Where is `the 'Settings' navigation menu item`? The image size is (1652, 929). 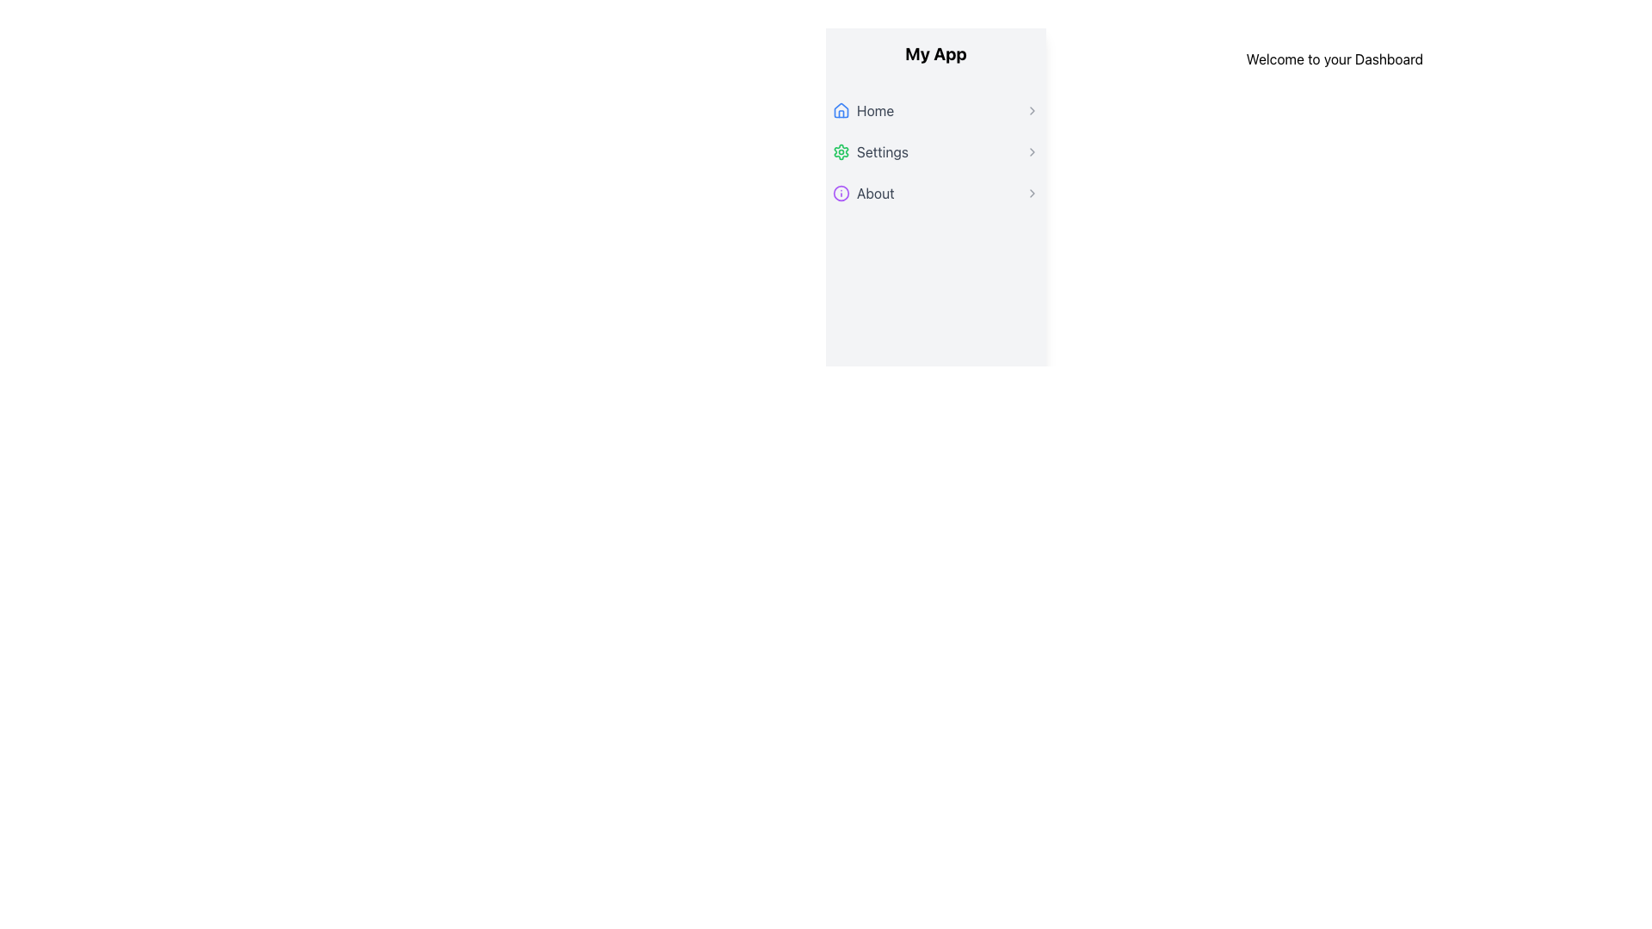 the 'Settings' navigation menu item is located at coordinates (935, 151).